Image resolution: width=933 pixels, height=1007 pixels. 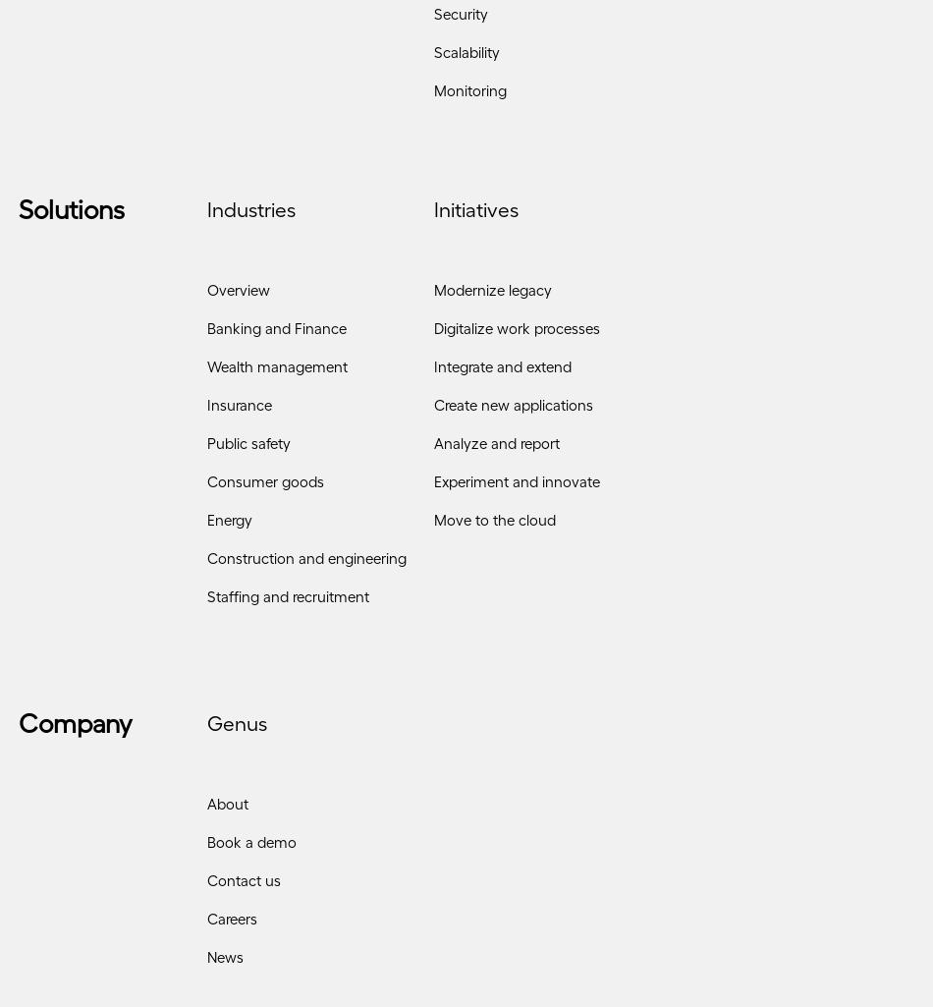 What do you see at coordinates (225, 963) in the screenshot?
I see `'News'` at bounding box center [225, 963].